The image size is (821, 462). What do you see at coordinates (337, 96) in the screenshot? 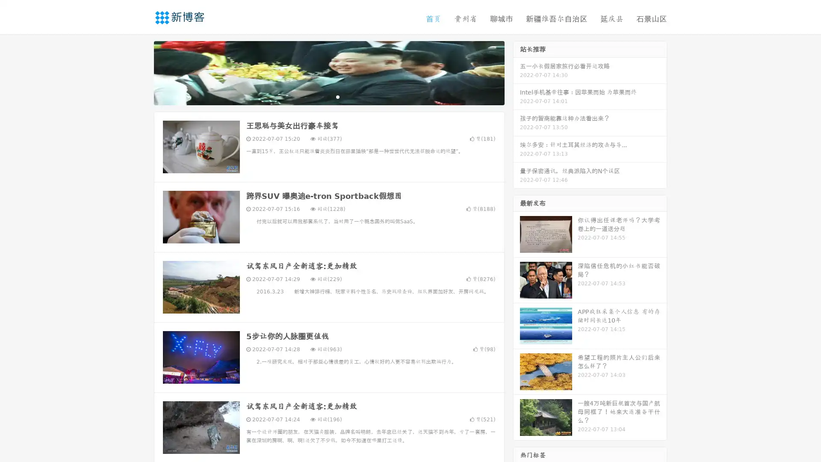
I see `Go to slide 3` at bounding box center [337, 96].